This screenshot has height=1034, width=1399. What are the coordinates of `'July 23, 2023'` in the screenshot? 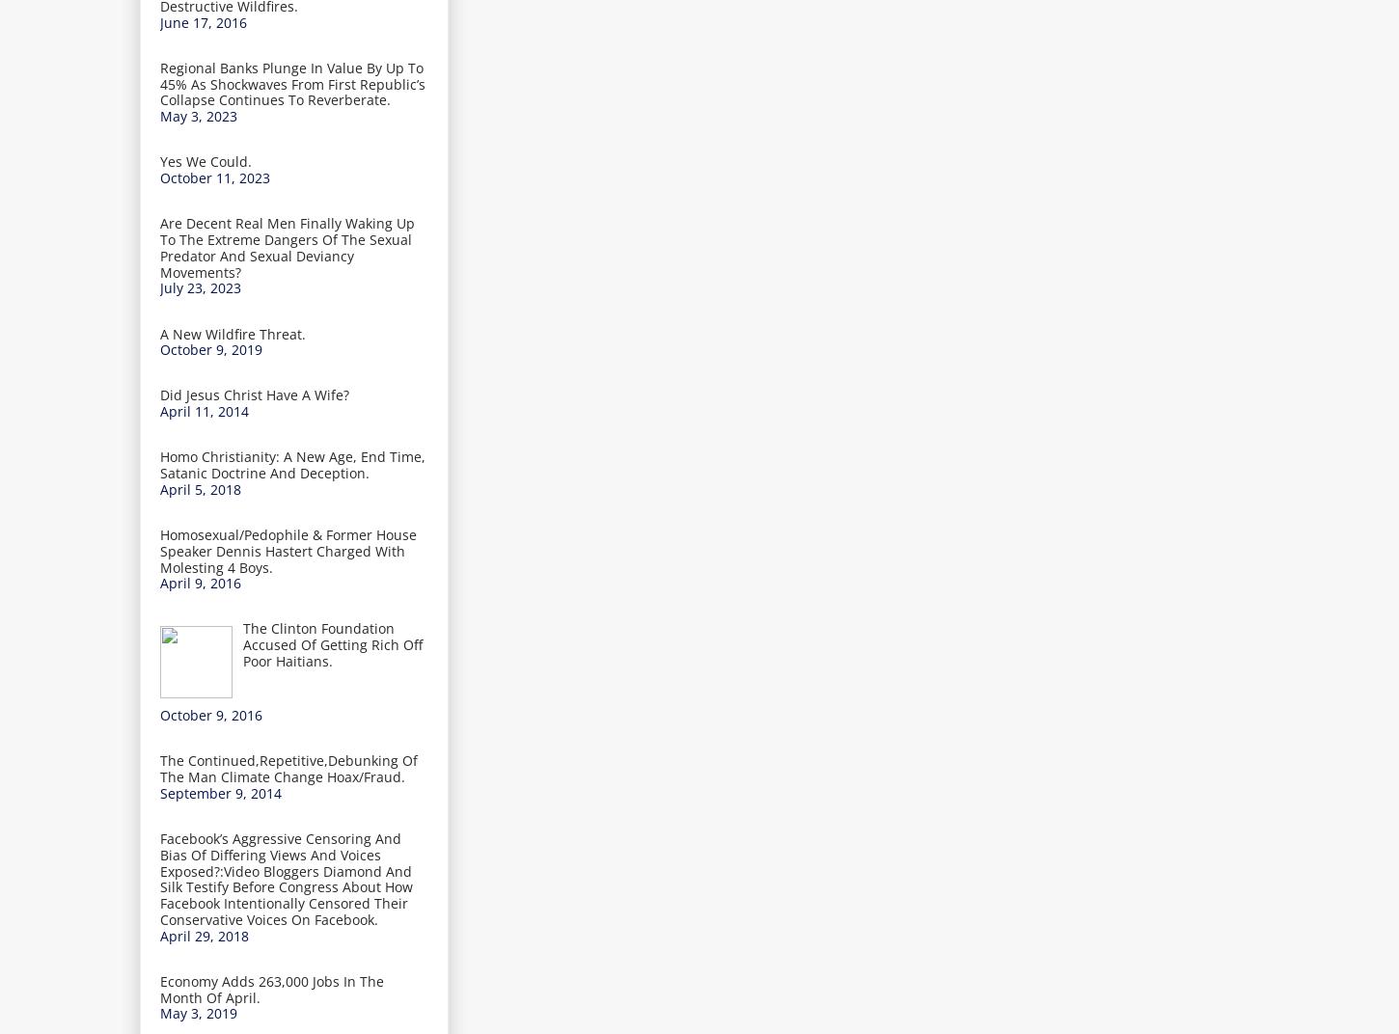 It's located at (199, 286).